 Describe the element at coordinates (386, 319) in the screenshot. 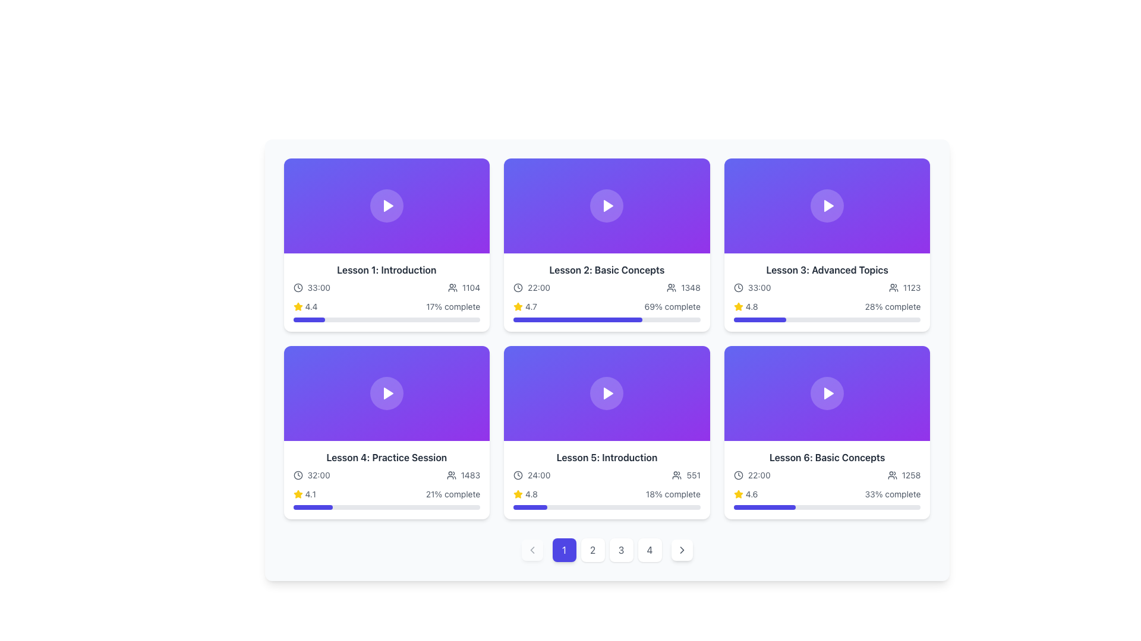

I see `the progress bar indicating 17% completion for 'Lesson 1: Introduction'` at that location.